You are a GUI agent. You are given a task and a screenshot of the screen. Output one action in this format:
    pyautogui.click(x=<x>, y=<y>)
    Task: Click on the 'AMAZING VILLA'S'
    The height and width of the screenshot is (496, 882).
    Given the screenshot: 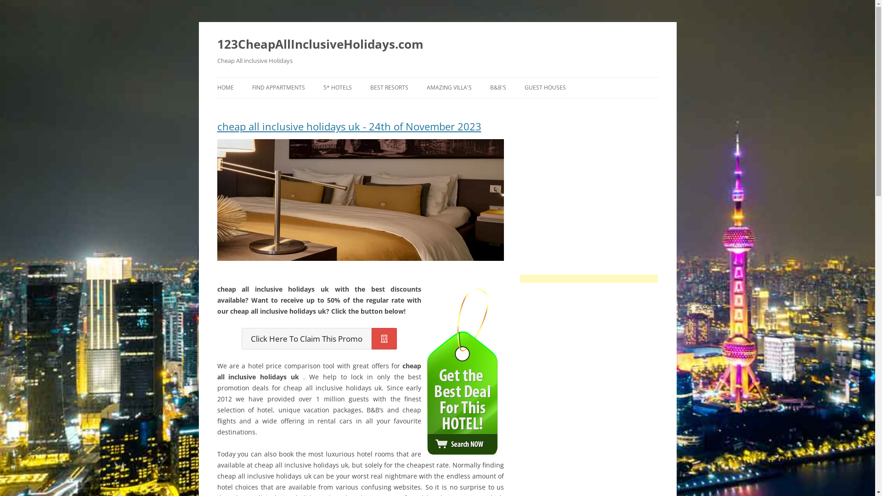 What is the action you would take?
    pyautogui.click(x=449, y=88)
    